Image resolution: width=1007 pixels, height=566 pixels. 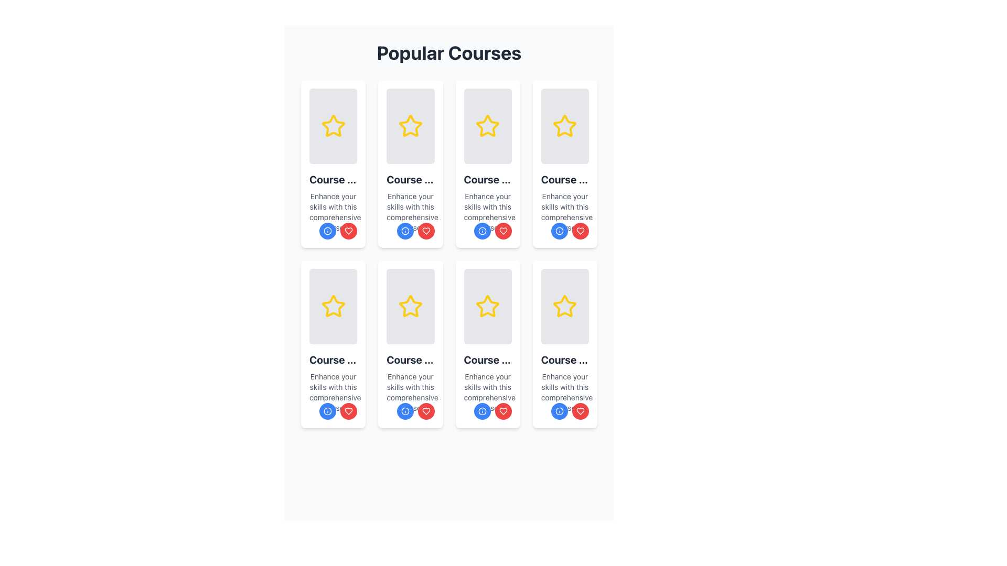 What do you see at coordinates (481, 411) in the screenshot?
I see `the circular blue icon button with a white 'i' symbol located in the second row and second column of the card layout, positioned below the text content` at bounding box center [481, 411].